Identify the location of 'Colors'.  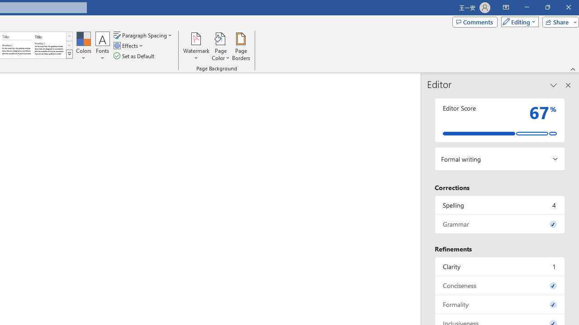
(83, 46).